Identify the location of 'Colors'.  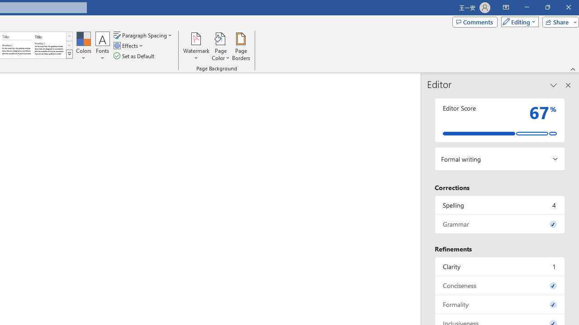
(83, 46).